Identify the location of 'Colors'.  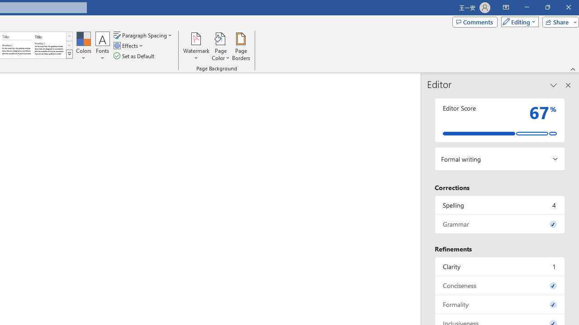
(83, 46).